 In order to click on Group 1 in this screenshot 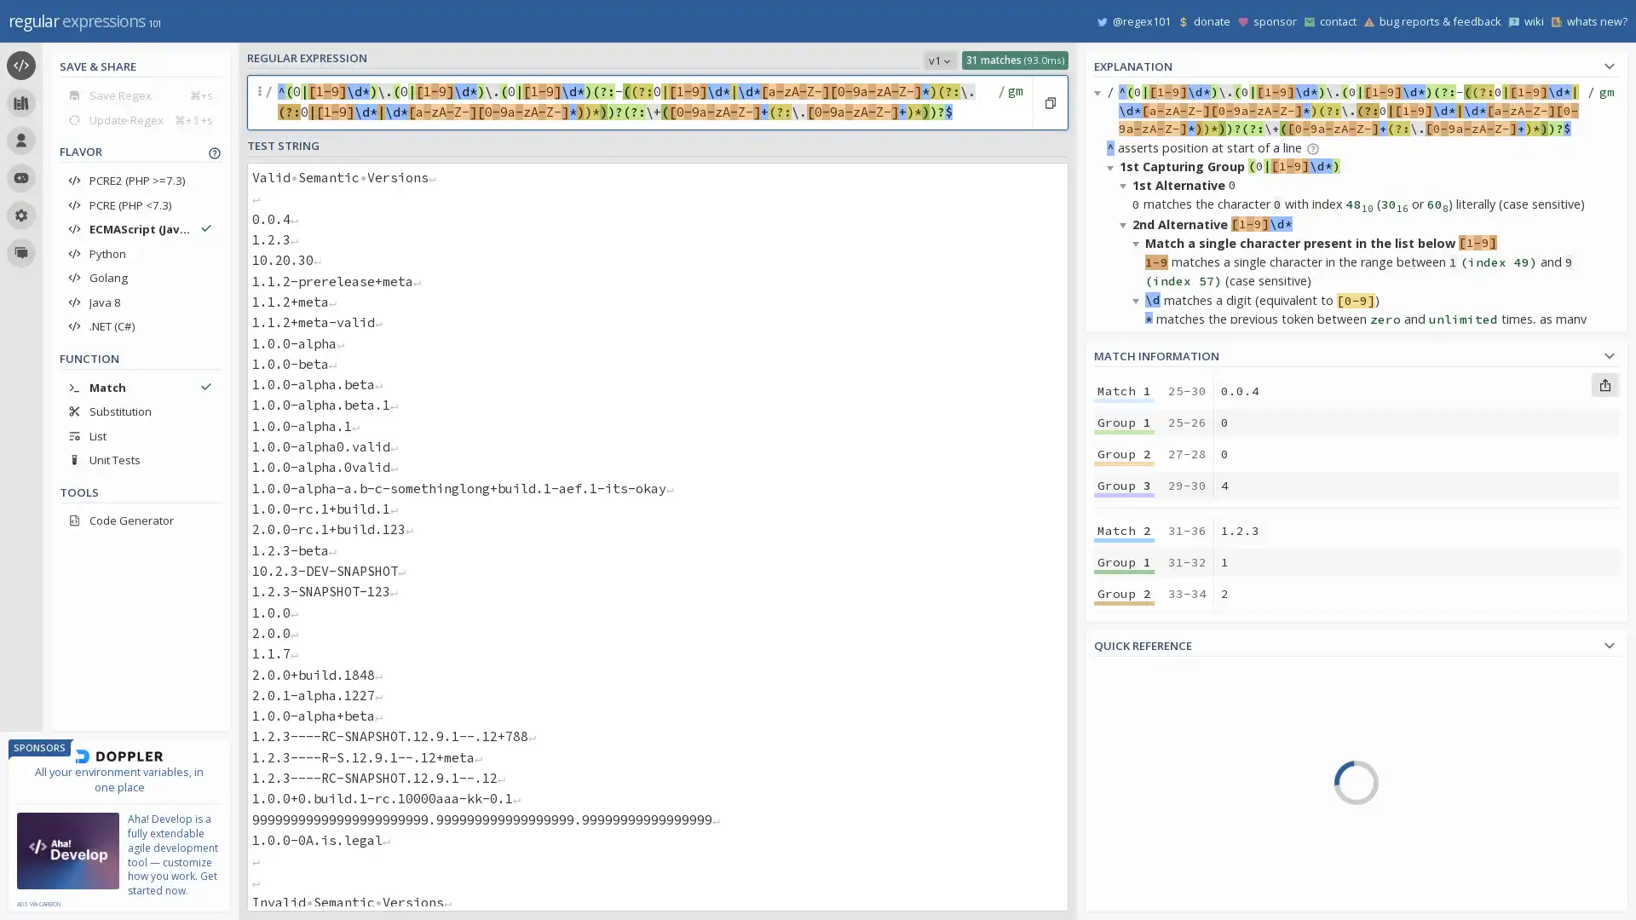, I will do `click(1124, 840)`.